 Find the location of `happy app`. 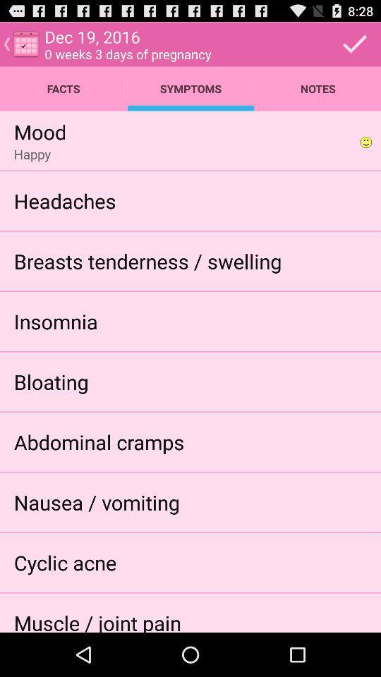

happy app is located at coordinates (32, 154).